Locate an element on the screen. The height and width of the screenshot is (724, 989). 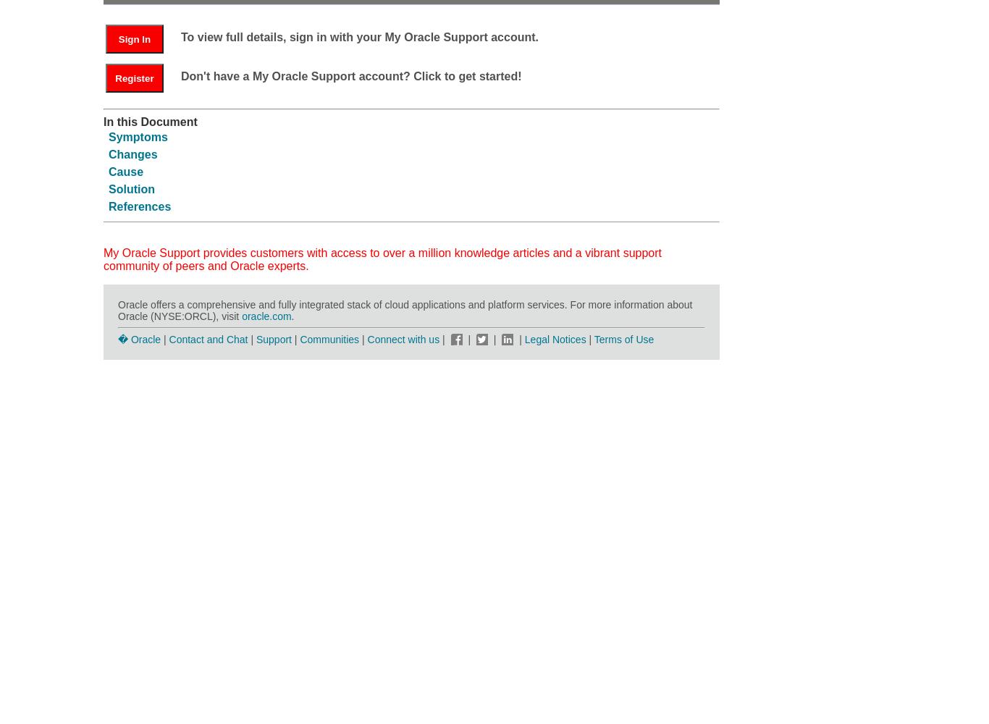
'oracle.com' is located at coordinates (241, 316).